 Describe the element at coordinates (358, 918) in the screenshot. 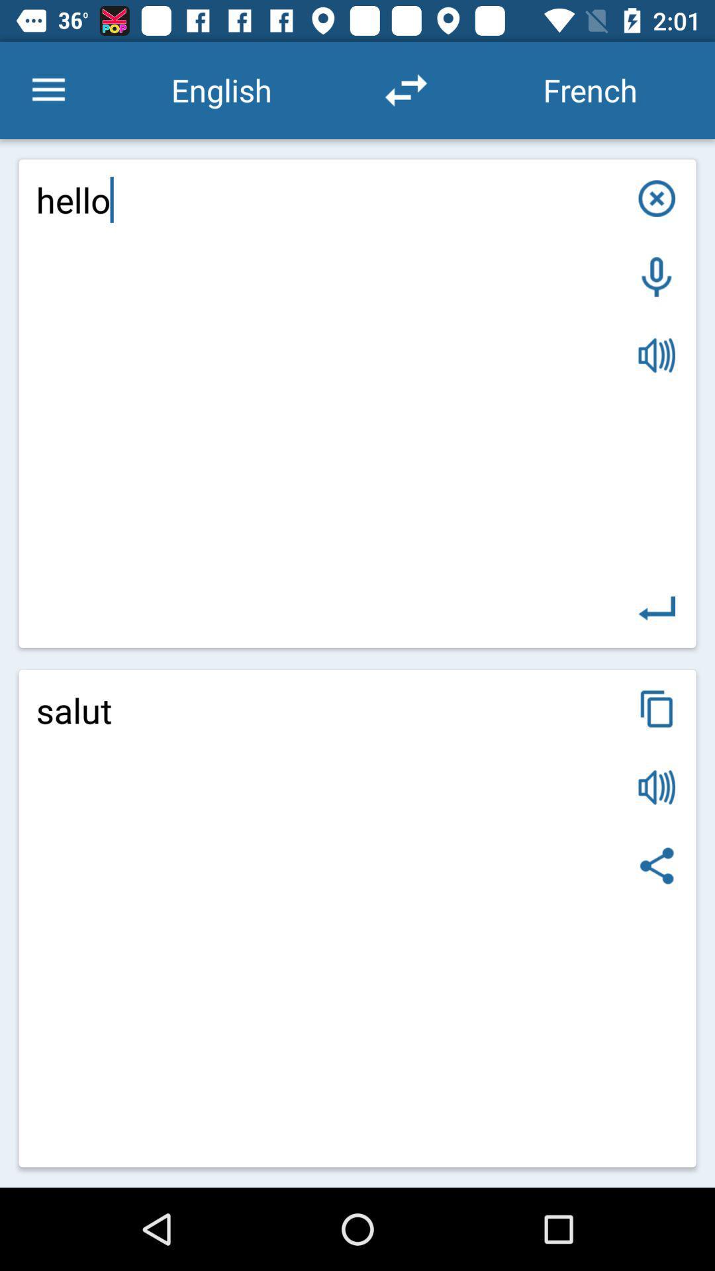

I see `the item below hello item` at that location.